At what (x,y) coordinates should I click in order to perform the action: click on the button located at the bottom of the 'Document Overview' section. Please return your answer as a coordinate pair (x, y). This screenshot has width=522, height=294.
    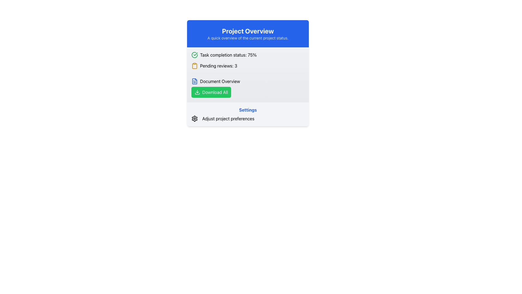
    Looking at the image, I should click on (211, 92).